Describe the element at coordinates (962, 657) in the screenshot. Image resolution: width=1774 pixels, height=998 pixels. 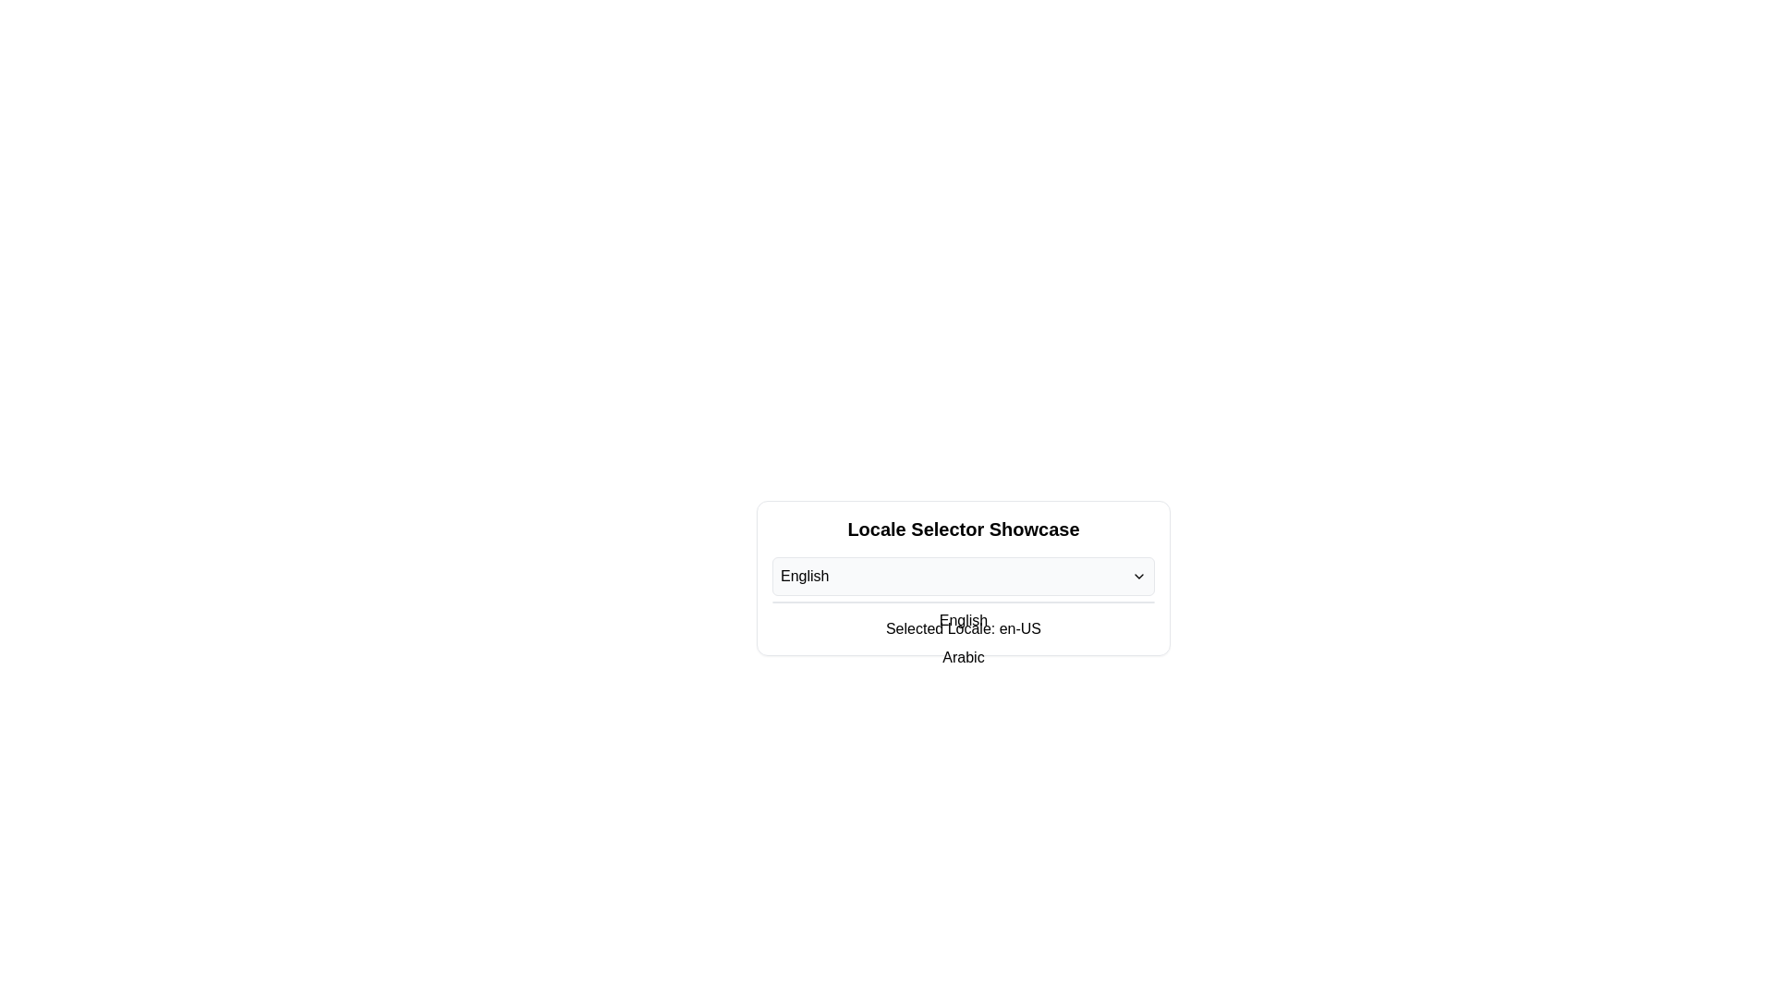
I see `the 'Arabic' text option in the dropdown menu` at that location.